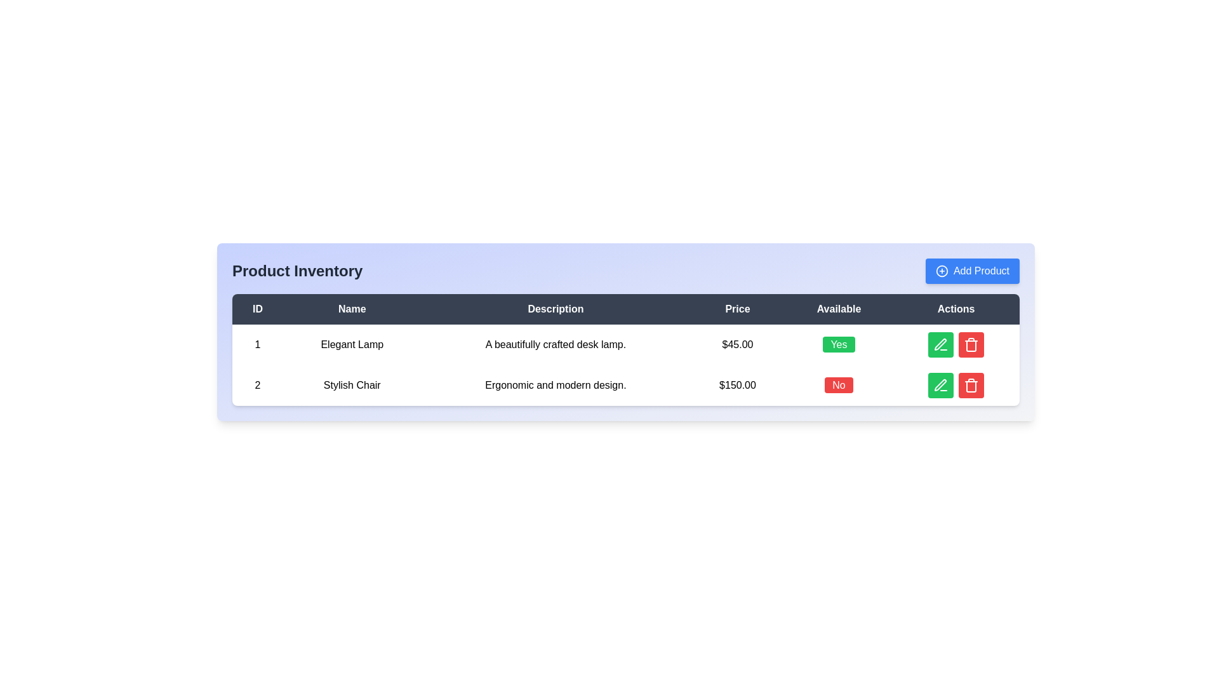 Image resolution: width=1219 pixels, height=686 pixels. I want to click on the 'Add Product' button, which contains an icon representing the add action located to the left of the 'Add Product' text, so click(942, 271).